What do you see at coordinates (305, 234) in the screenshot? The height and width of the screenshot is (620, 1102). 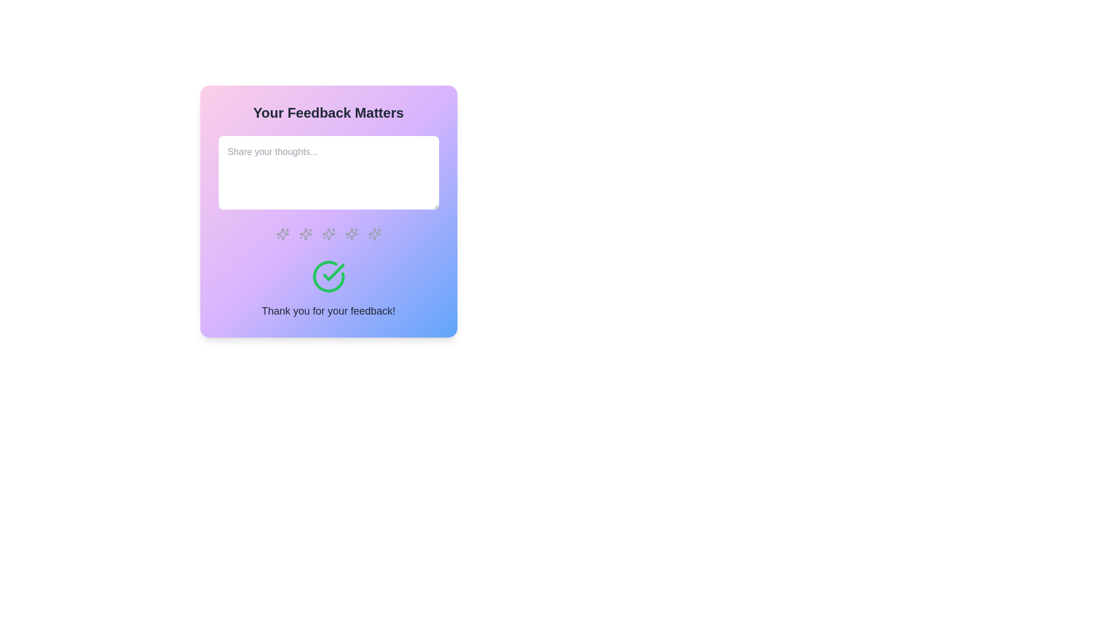 I see `the second star icon in the rating system, which is styled as a subtle gray sparkly star` at bounding box center [305, 234].